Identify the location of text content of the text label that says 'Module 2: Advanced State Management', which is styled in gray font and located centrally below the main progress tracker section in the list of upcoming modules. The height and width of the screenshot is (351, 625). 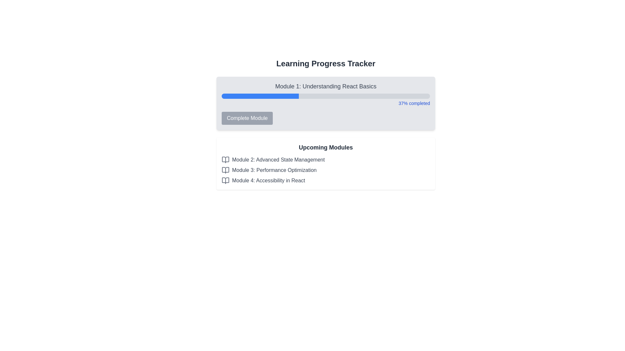
(278, 160).